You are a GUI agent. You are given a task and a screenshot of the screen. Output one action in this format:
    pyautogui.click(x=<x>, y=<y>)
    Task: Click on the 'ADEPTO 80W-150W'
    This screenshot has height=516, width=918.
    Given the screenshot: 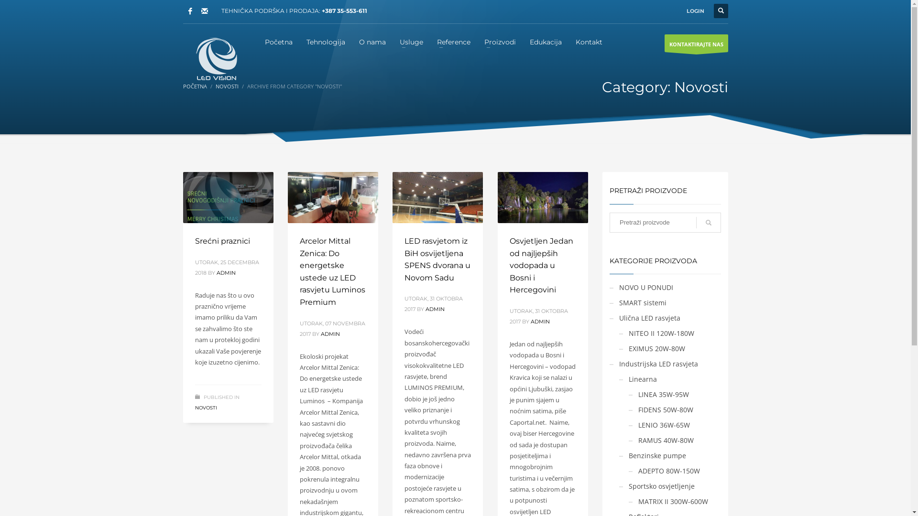 What is the action you would take?
    pyautogui.click(x=664, y=470)
    